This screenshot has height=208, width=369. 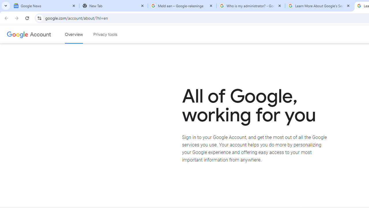 I want to click on 'Back', so click(x=5, y=18).